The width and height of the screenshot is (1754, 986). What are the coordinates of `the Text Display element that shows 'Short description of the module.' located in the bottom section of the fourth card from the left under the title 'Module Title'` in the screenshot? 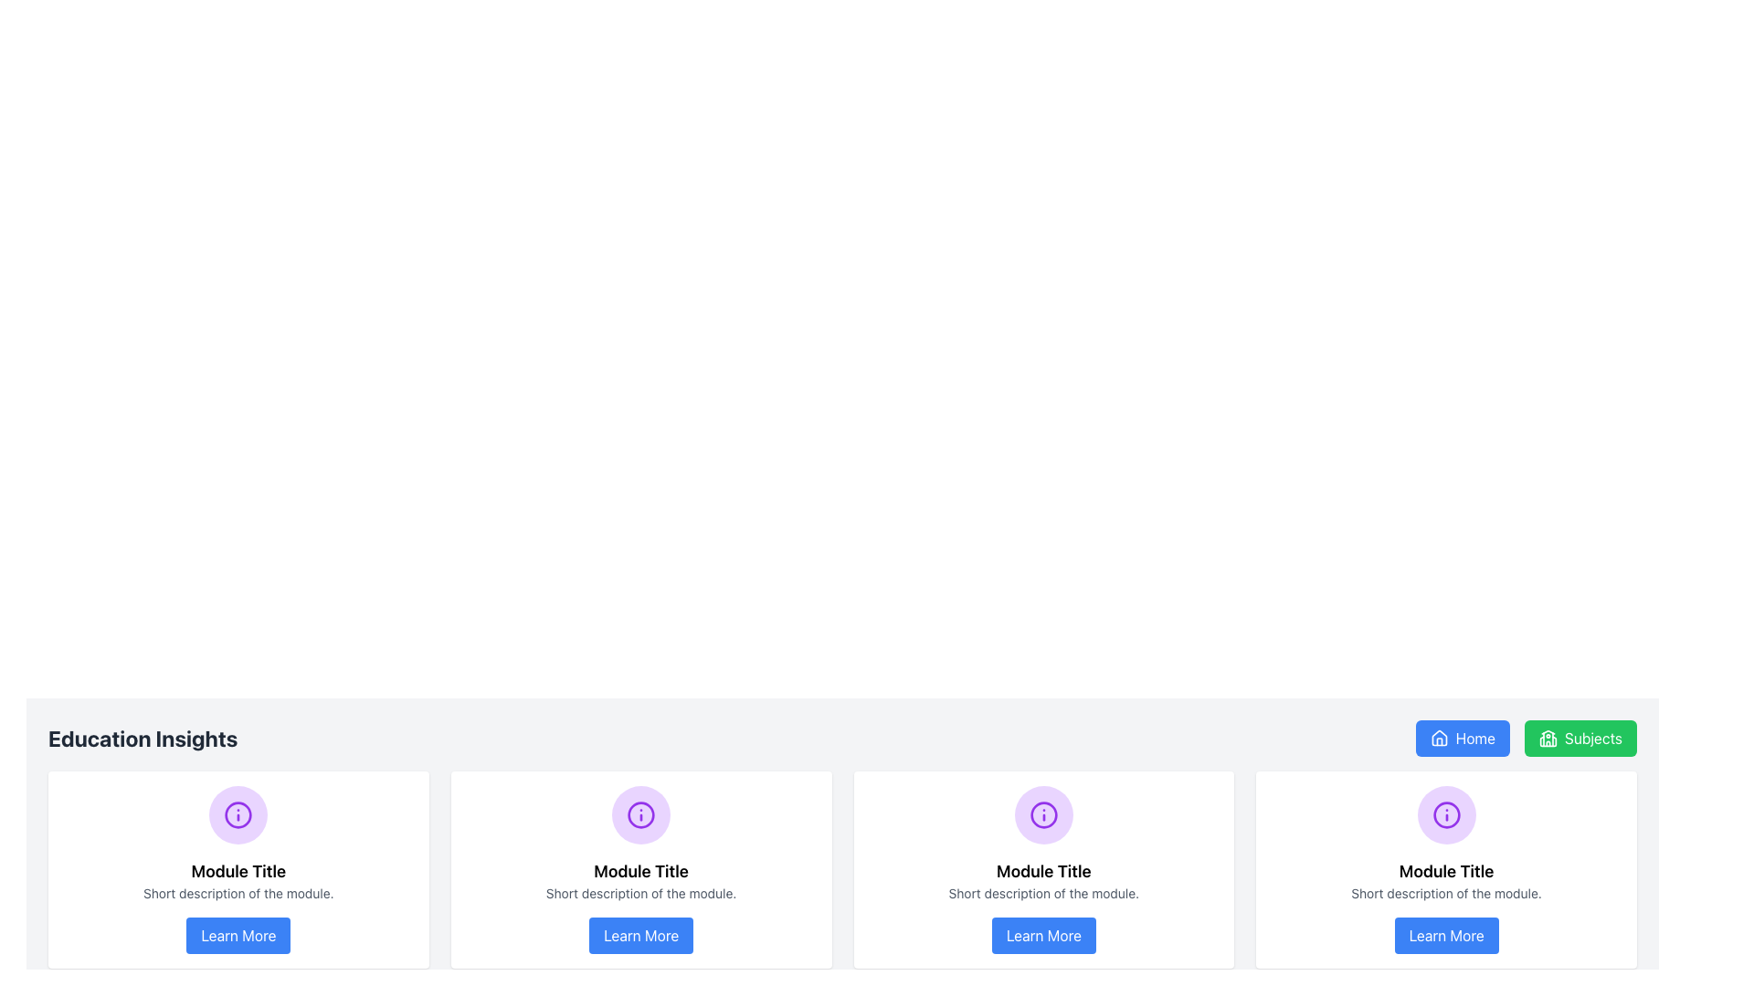 It's located at (1445, 893).